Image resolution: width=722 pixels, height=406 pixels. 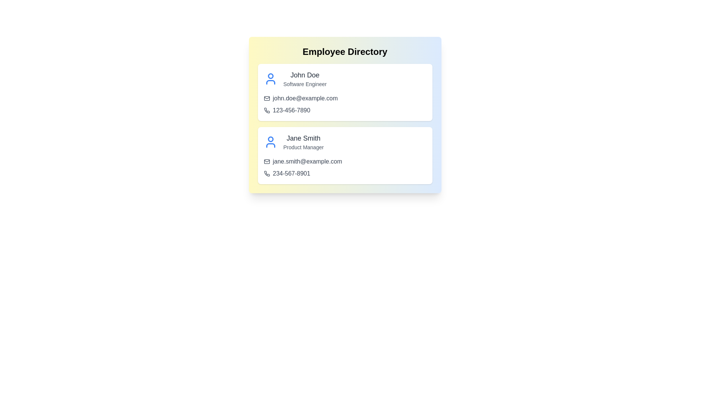 I want to click on the email link of John Doe to copy their email address, so click(x=307, y=98).